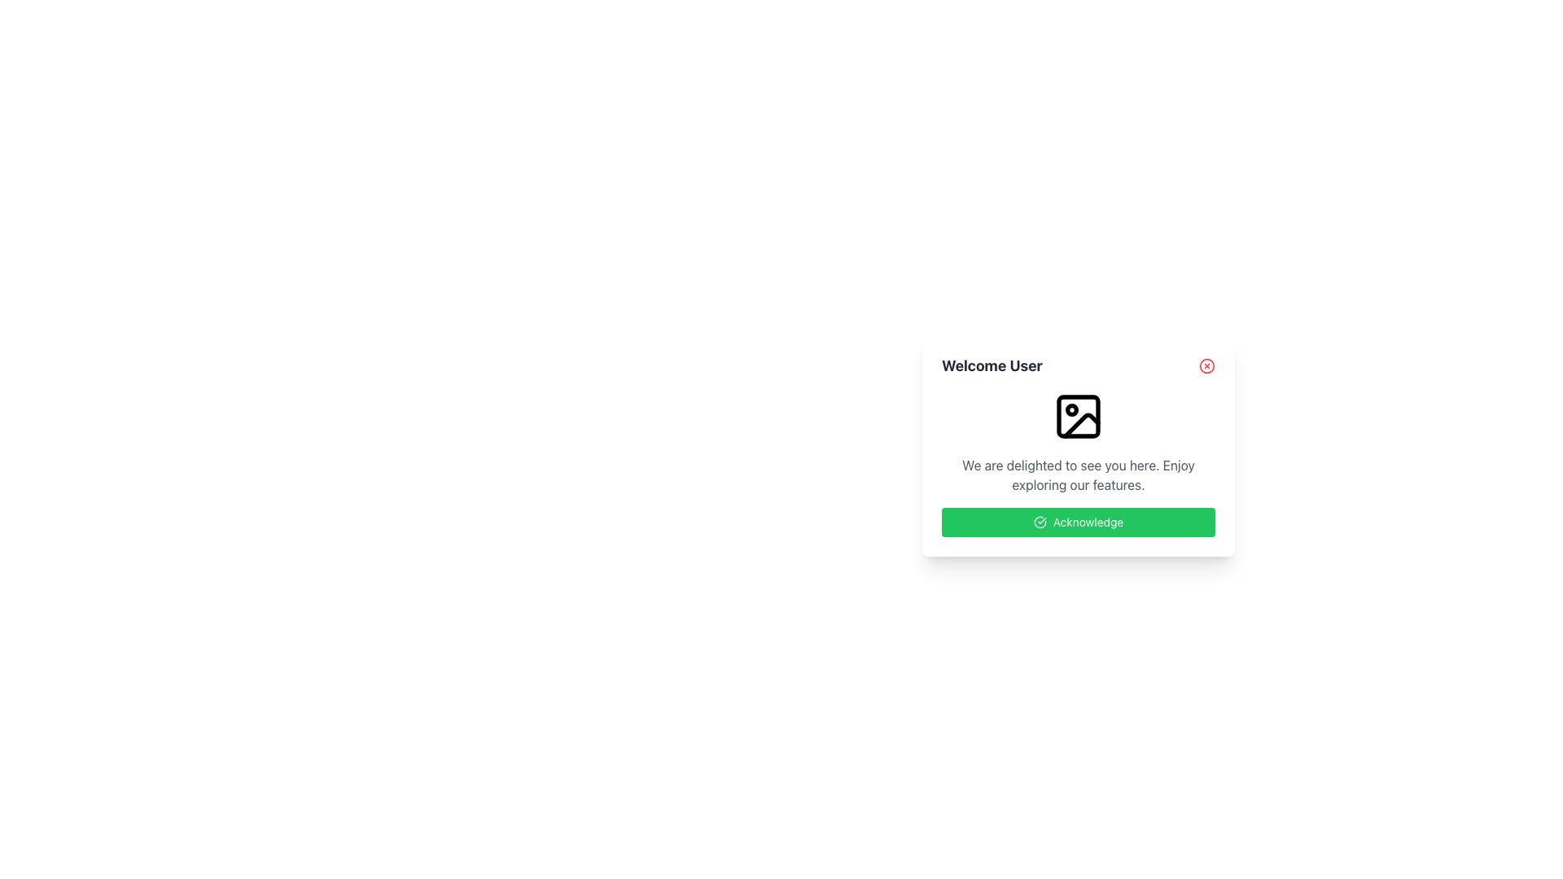  I want to click on the checkmark icon located in the top-right corner of the popup card that conveys a confirmation or success symbol, so click(1039, 522).